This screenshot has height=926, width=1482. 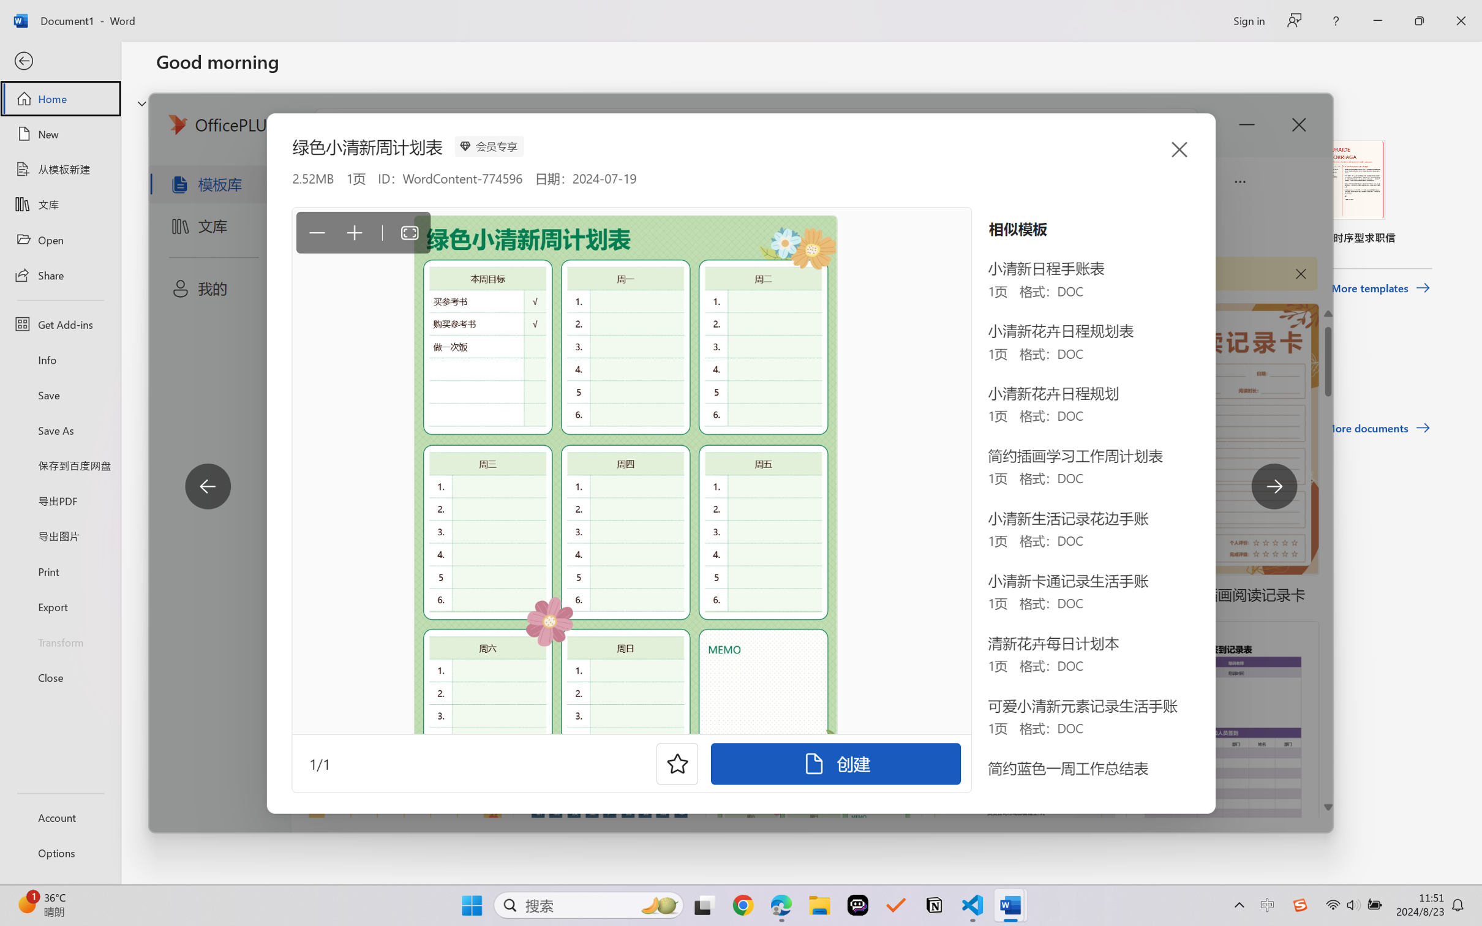 What do you see at coordinates (59, 571) in the screenshot?
I see `'Print'` at bounding box center [59, 571].